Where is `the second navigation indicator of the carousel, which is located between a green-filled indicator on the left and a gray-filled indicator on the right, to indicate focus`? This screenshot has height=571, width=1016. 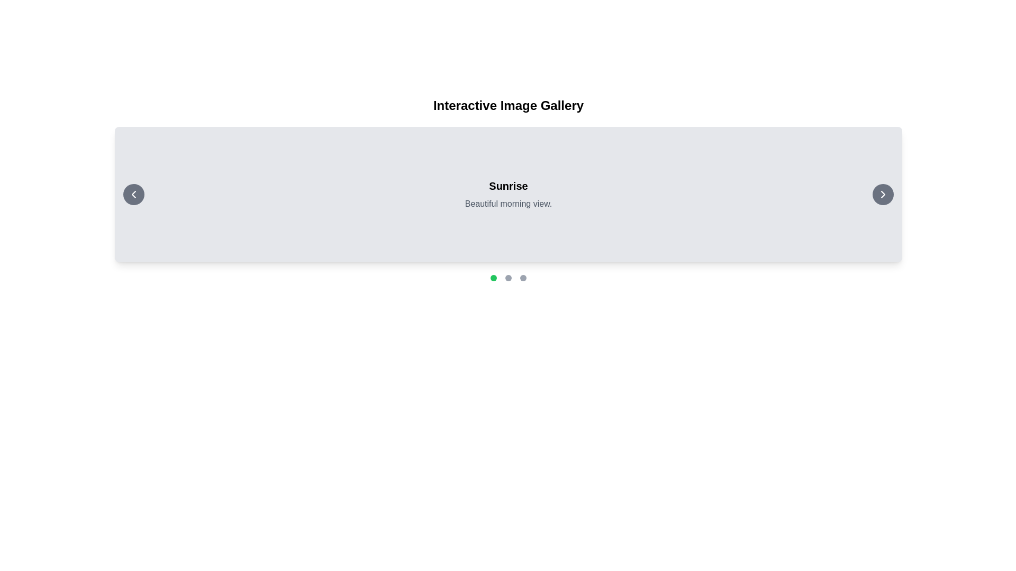 the second navigation indicator of the carousel, which is located between a green-filled indicator on the left and a gray-filled indicator on the right, to indicate focus is located at coordinates (508, 277).